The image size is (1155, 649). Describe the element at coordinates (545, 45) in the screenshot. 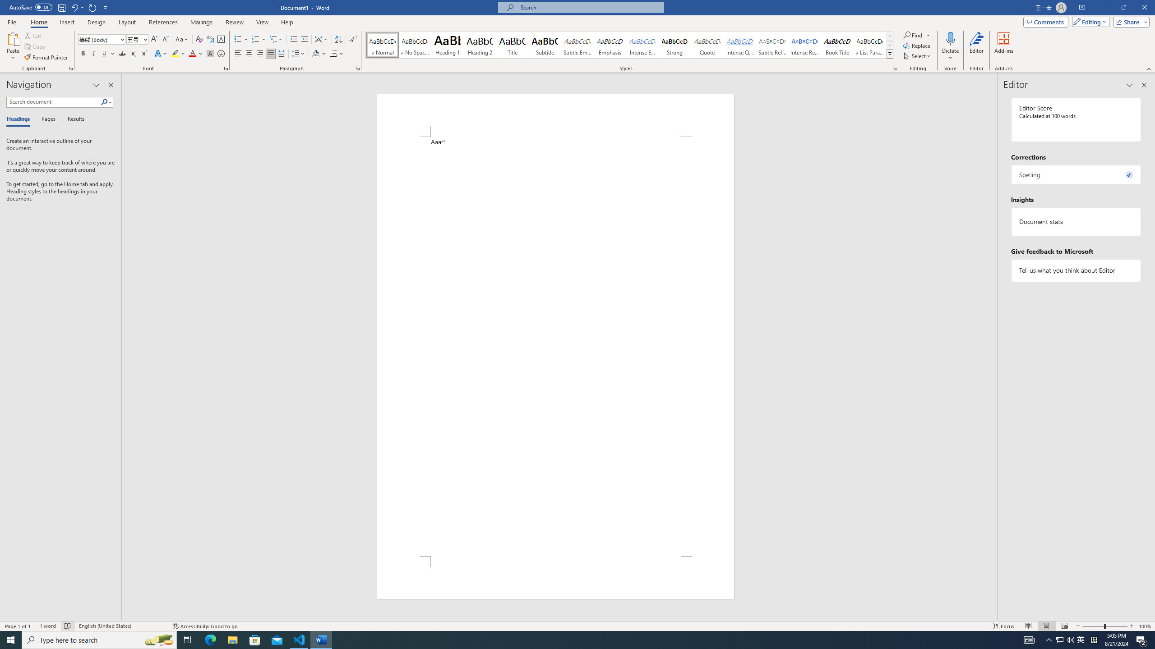

I see `'Subtitle'` at that location.